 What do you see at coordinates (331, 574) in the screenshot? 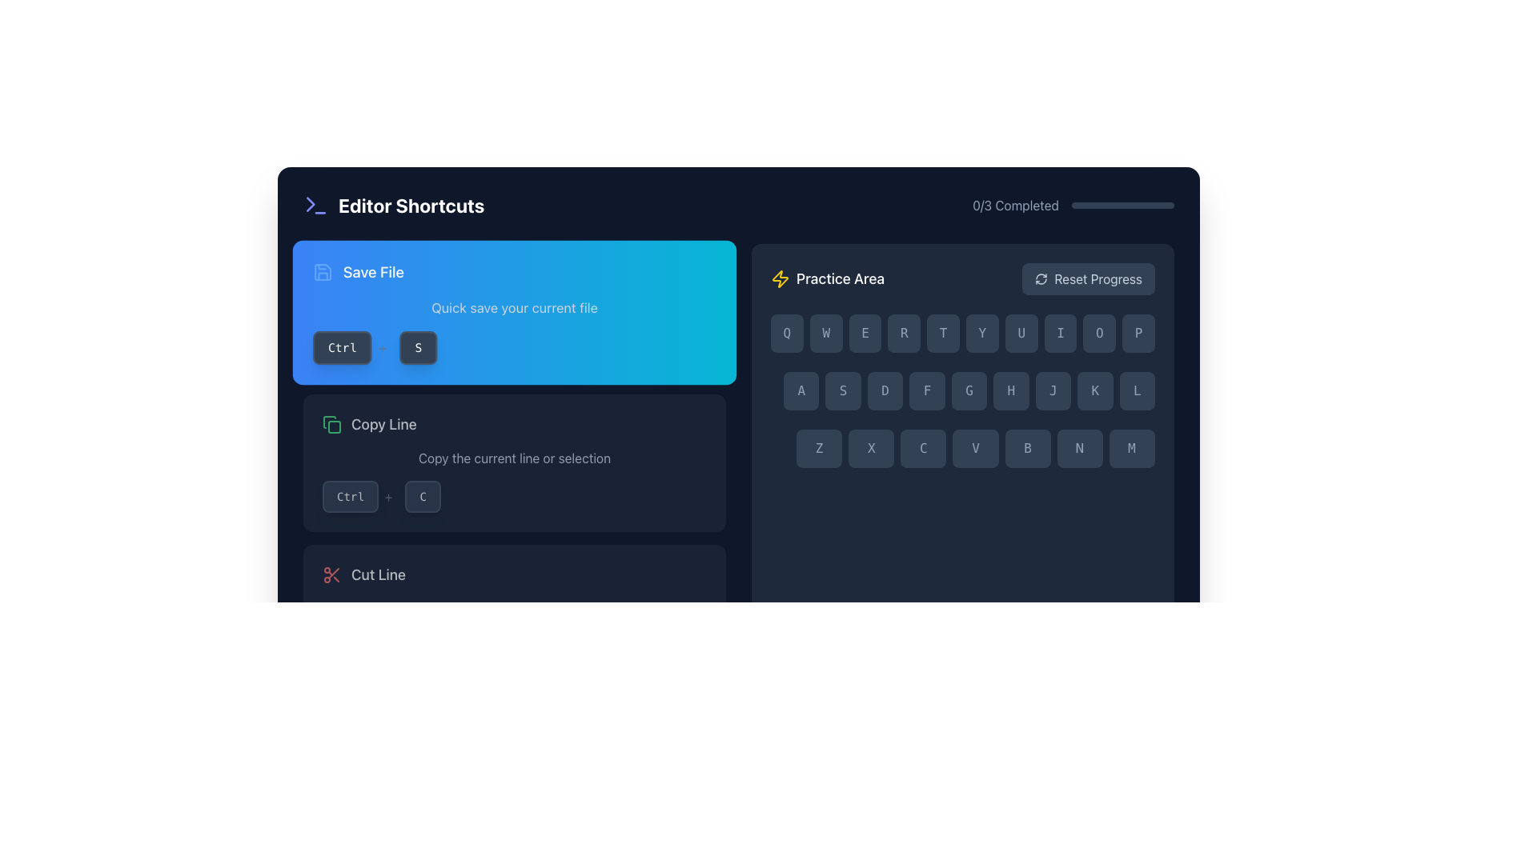
I see `the 'Cut' icon which represents the 'Cut' or 'Remove' action, located to the left of the 'Cut Line' text label` at bounding box center [331, 574].